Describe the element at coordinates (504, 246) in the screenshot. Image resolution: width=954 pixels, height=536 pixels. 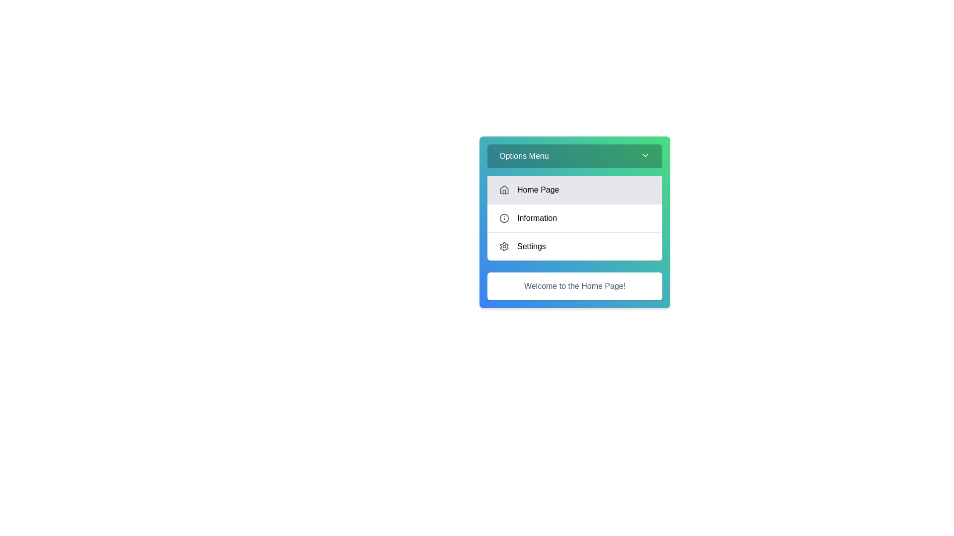
I see `the 'Settings' icon located to the left of the 'Settings' text in the third row of the vertical menu list` at that location.